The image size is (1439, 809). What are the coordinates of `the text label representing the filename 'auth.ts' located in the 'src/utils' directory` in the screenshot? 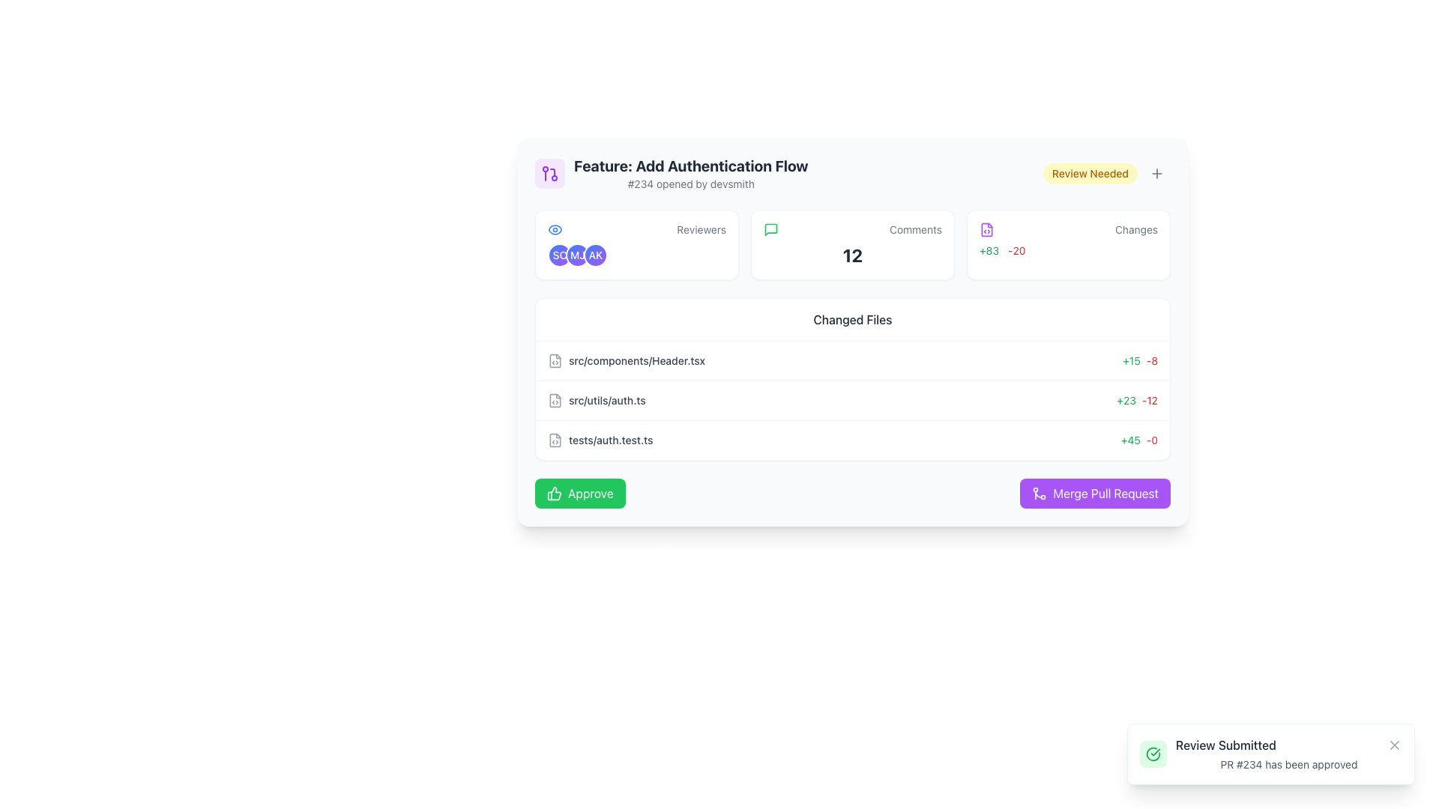 It's located at (607, 400).